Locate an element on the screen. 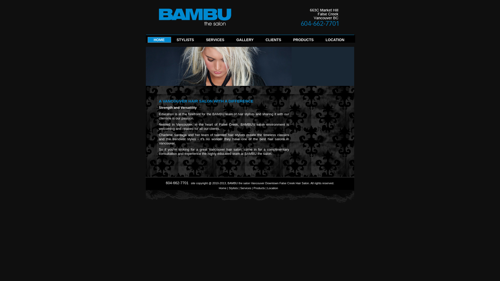  'LOCATION' is located at coordinates (325, 41).